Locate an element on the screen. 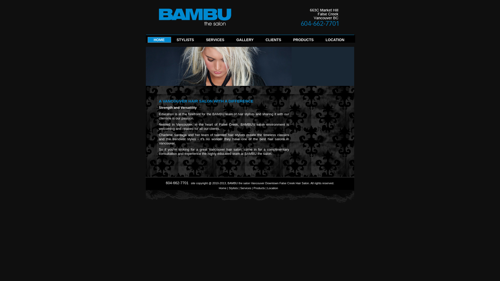  'LOCATION' is located at coordinates (325, 41).